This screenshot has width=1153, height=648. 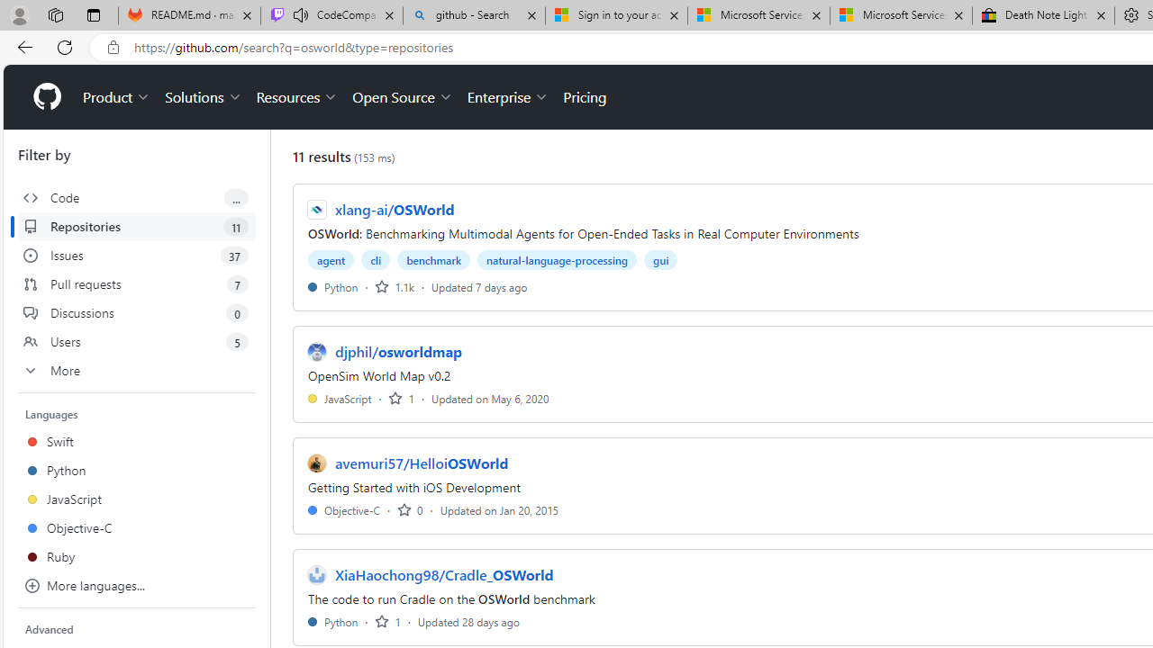 I want to click on 'JavaScript', so click(x=340, y=397).